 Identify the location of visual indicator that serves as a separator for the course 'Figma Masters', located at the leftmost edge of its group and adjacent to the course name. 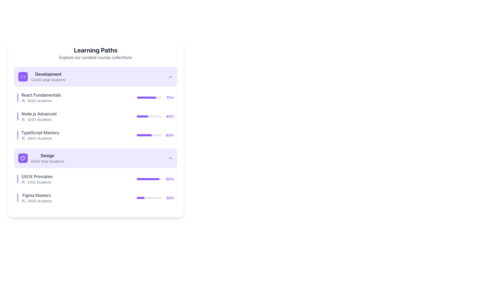
(18, 198).